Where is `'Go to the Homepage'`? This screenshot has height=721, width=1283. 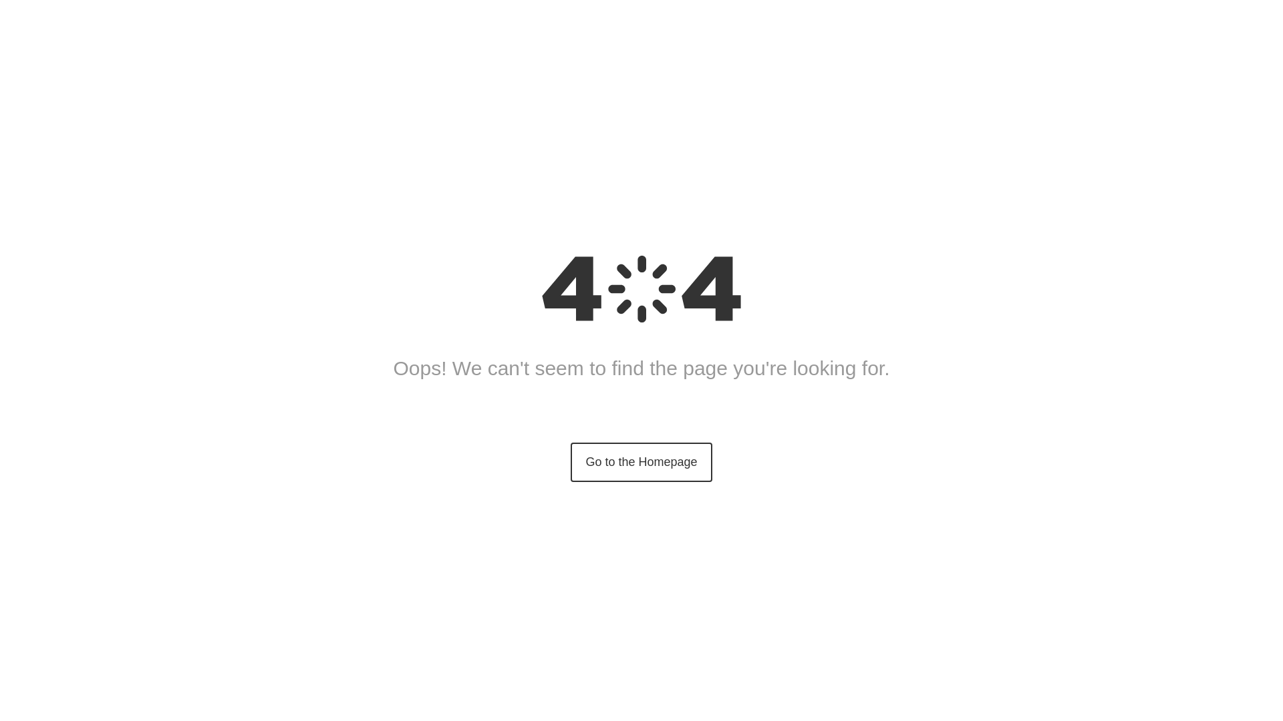
'Go to the Homepage' is located at coordinates (640, 461).